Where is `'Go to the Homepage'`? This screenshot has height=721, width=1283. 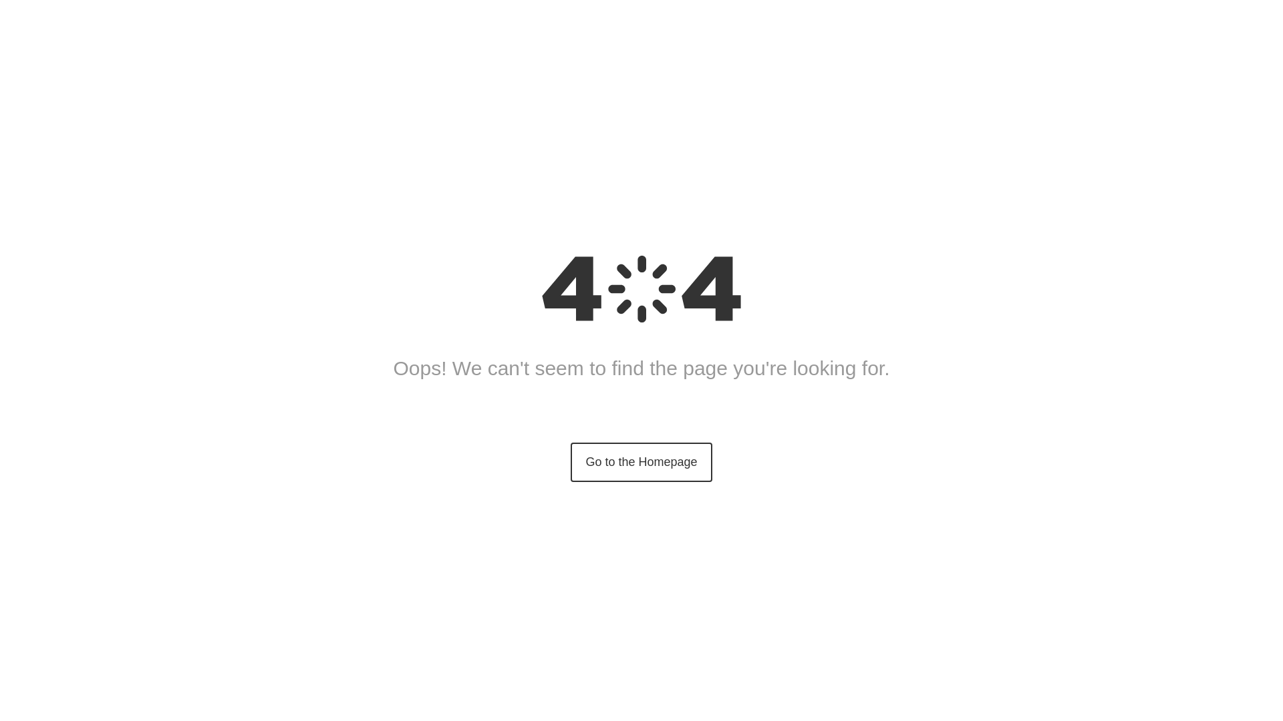
'Go to the Homepage' is located at coordinates (640, 461).